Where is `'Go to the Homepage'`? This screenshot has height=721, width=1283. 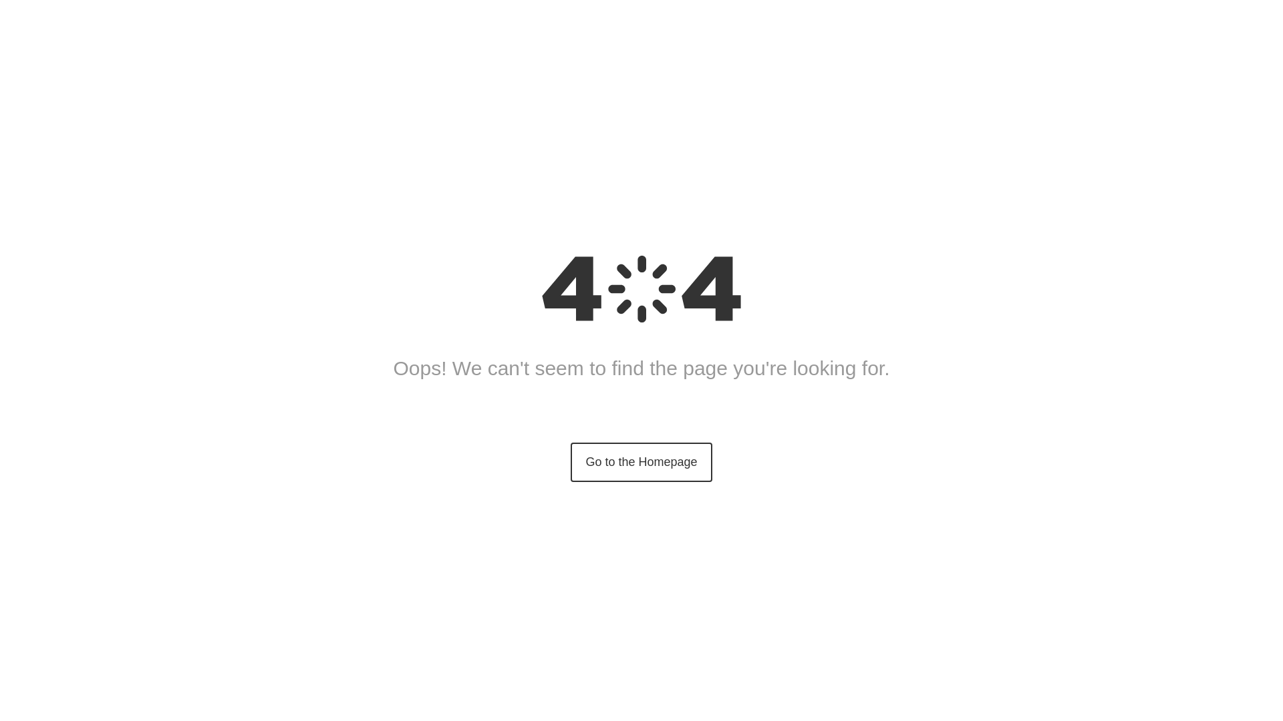
'Go to the Homepage' is located at coordinates (640, 461).